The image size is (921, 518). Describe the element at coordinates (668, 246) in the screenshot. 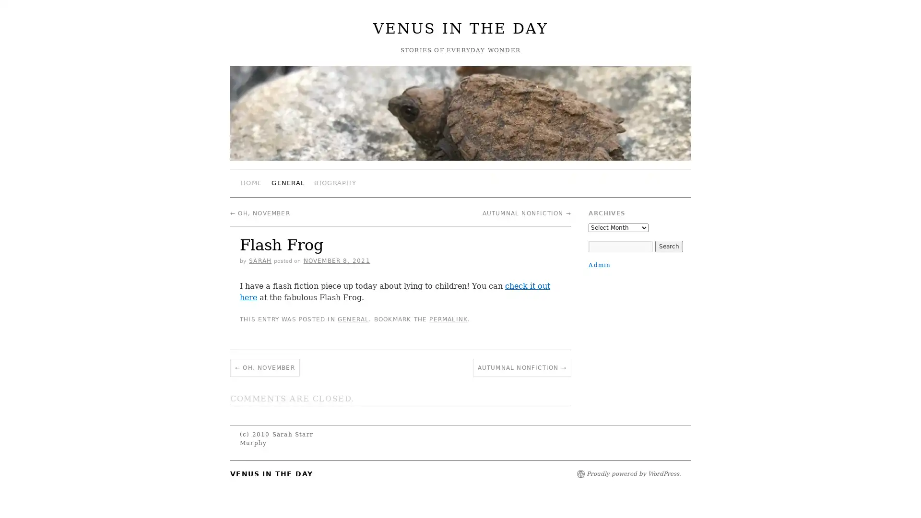

I see `Search` at that location.